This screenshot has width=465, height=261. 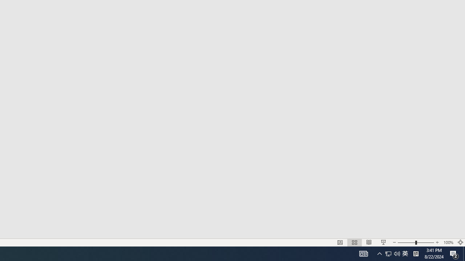 What do you see at coordinates (448, 243) in the screenshot?
I see `'Zoom 100%'` at bounding box center [448, 243].